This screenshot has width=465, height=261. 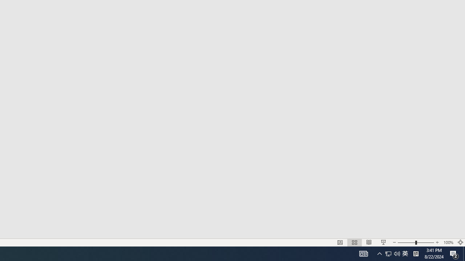 What do you see at coordinates (448, 243) in the screenshot?
I see `'Zoom 100%'` at bounding box center [448, 243].